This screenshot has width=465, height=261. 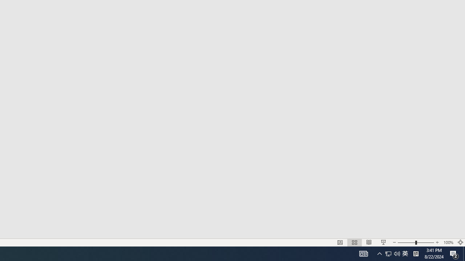 What do you see at coordinates (448, 243) in the screenshot?
I see `'Zoom 100%'` at bounding box center [448, 243].